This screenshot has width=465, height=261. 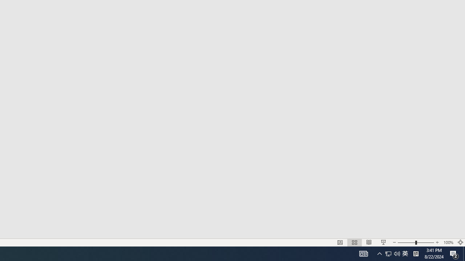 What do you see at coordinates (448, 243) in the screenshot?
I see `'Zoom 100%'` at bounding box center [448, 243].